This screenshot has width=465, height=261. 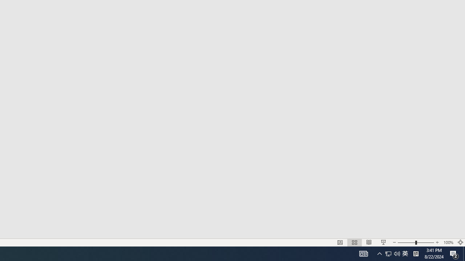 What do you see at coordinates (448, 243) in the screenshot?
I see `'Zoom 100%'` at bounding box center [448, 243].